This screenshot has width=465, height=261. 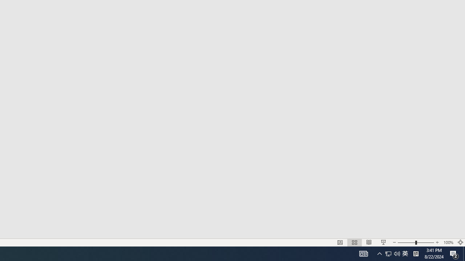 What do you see at coordinates (448, 243) in the screenshot?
I see `'Zoom 100%'` at bounding box center [448, 243].